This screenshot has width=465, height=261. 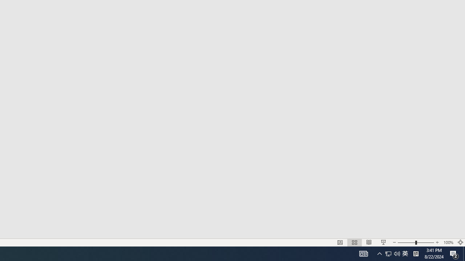 What do you see at coordinates (448, 243) in the screenshot?
I see `'Zoom 100%'` at bounding box center [448, 243].